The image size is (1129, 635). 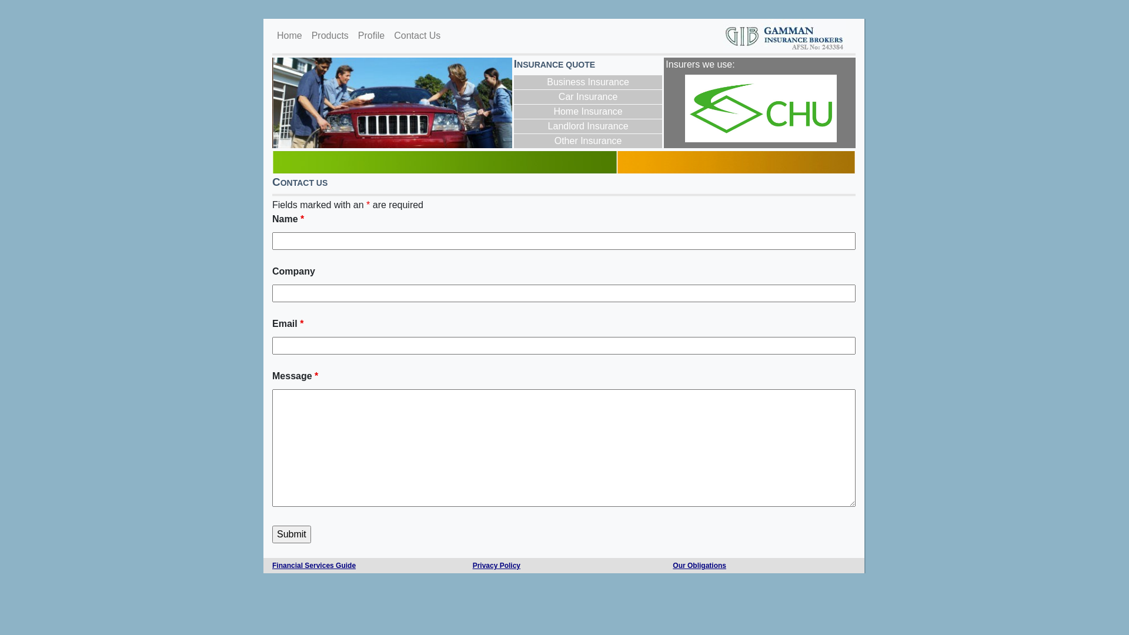 I want to click on 'Car Insurance', so click(x=588, y=96).